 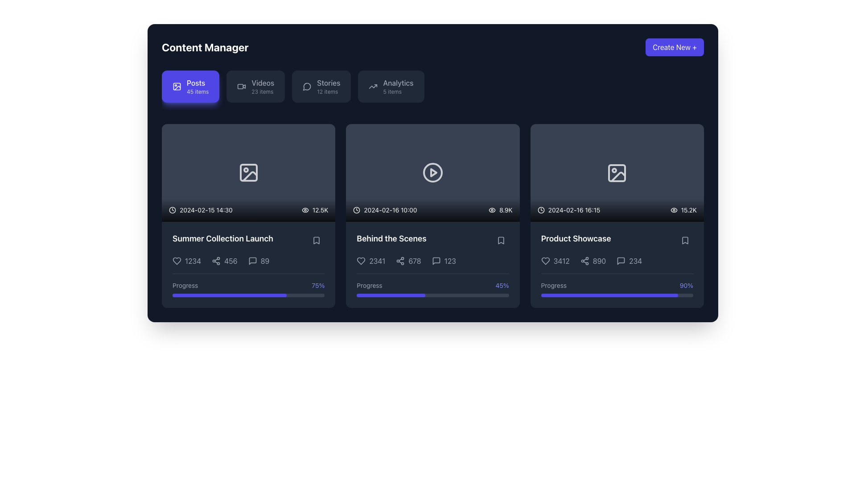 What do you see at coordinates (317, 240) in the screenshot?
I see `the SVG-based bookmark icon located in the 'Summer Collection Launch' section, positioned next to the heart-shaped icon` at bounding box center [317, 240].